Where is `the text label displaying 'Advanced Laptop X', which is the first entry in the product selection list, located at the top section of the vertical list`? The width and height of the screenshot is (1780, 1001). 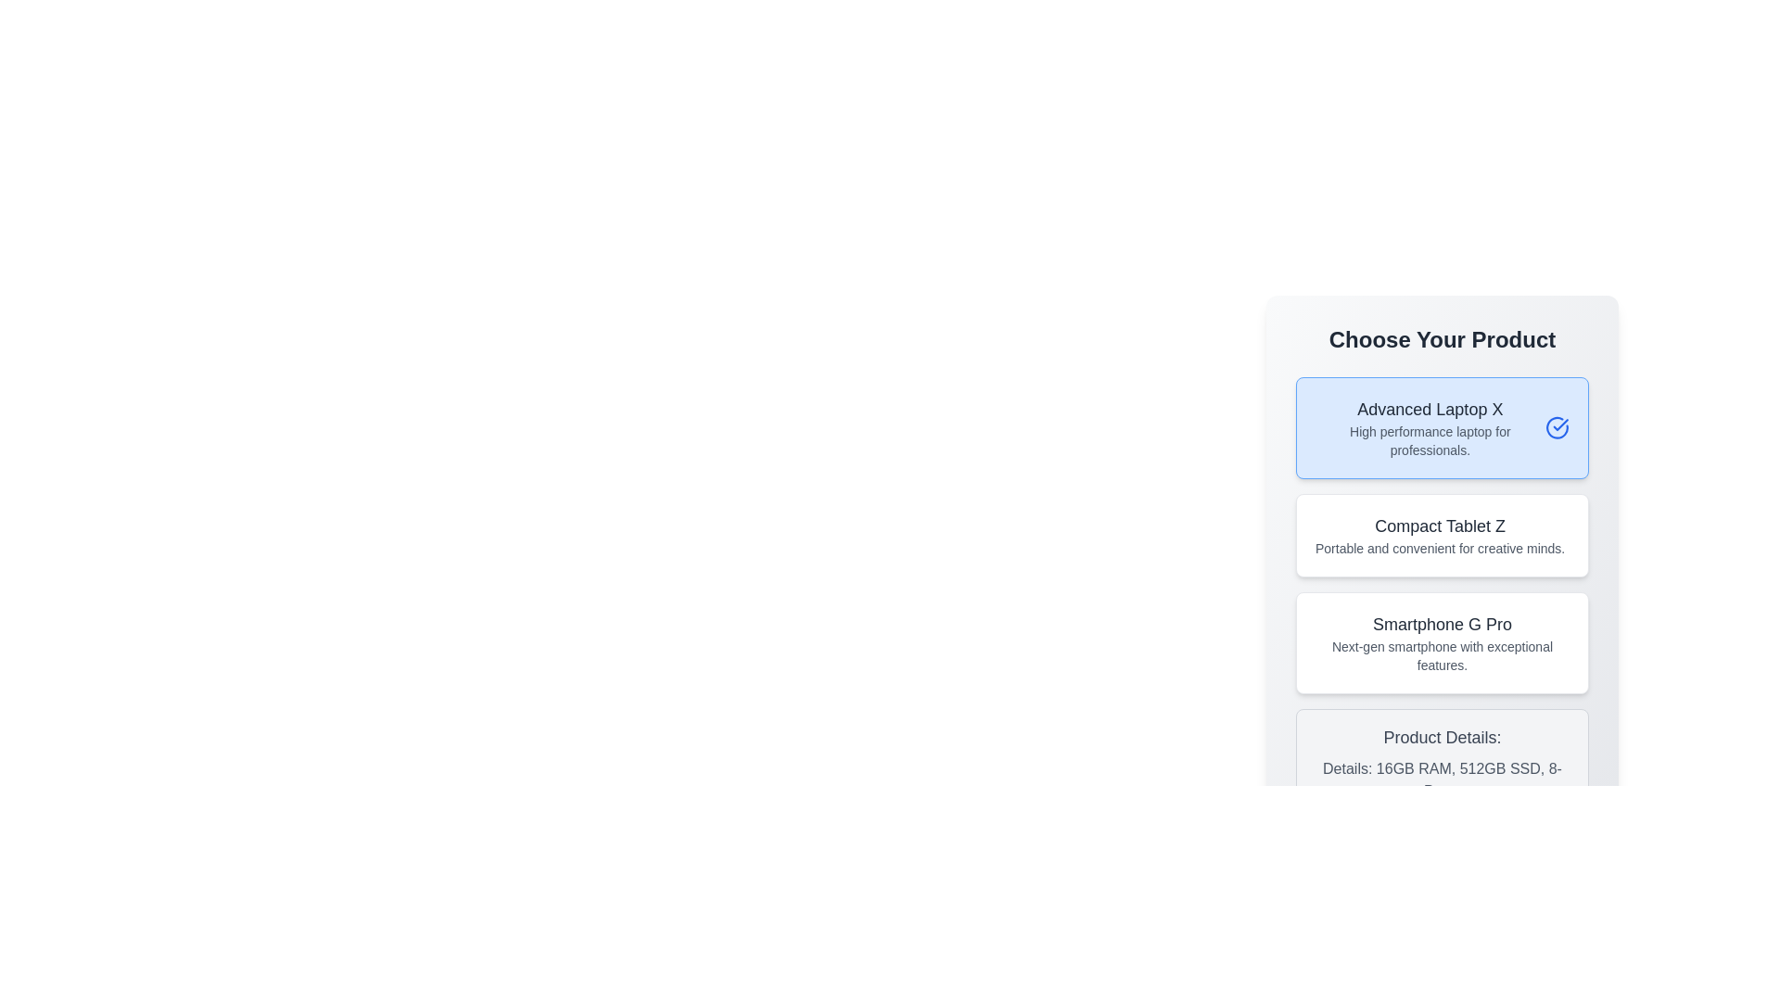
the text label displaying 'Advanced Laptop X', which is the first entry in the product selection list, located at the top section of the vertical list is located at coordinates (1429, 409).